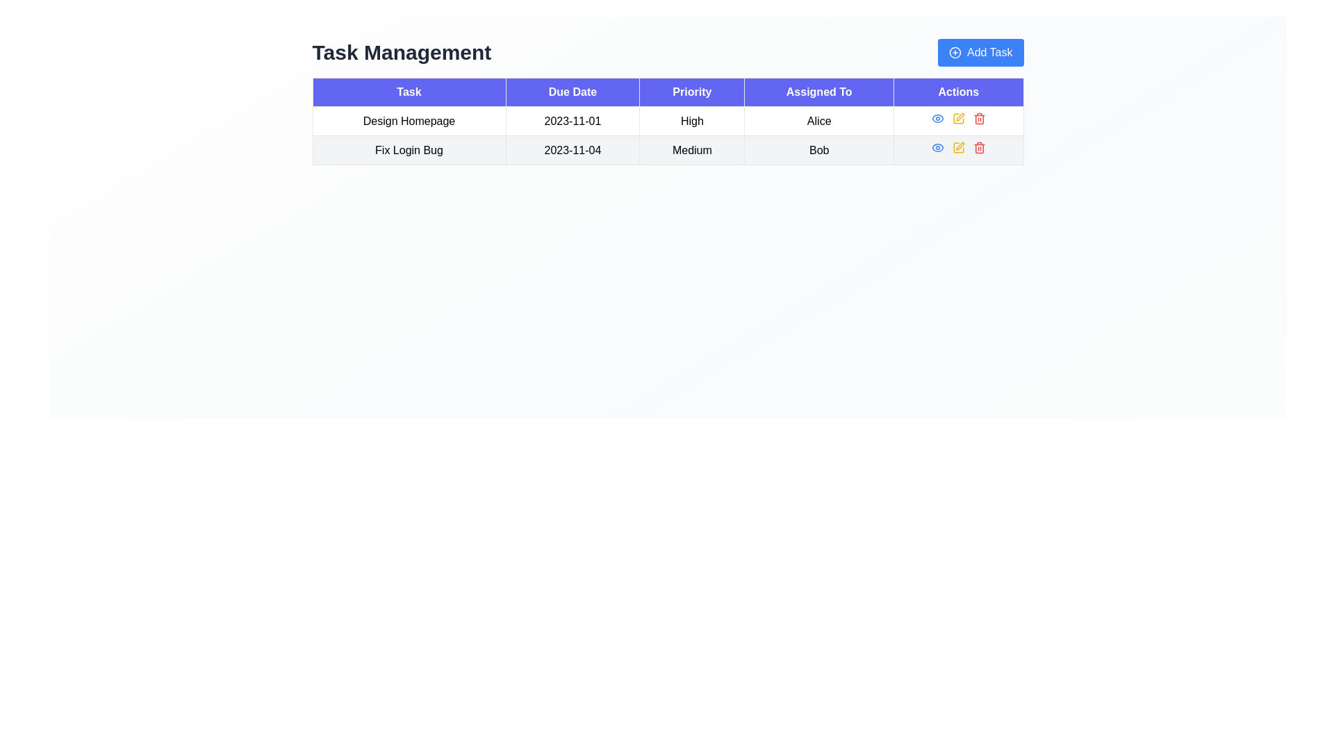 The width and height of the screenshot is (1334, 750). What do you see at coordinates (957, 147) in the screenshot?
I see `the edit button in the 'Actions' column of the task management table, associated with the task 'Fix Login Bug'` at bounding box center [957, 147].